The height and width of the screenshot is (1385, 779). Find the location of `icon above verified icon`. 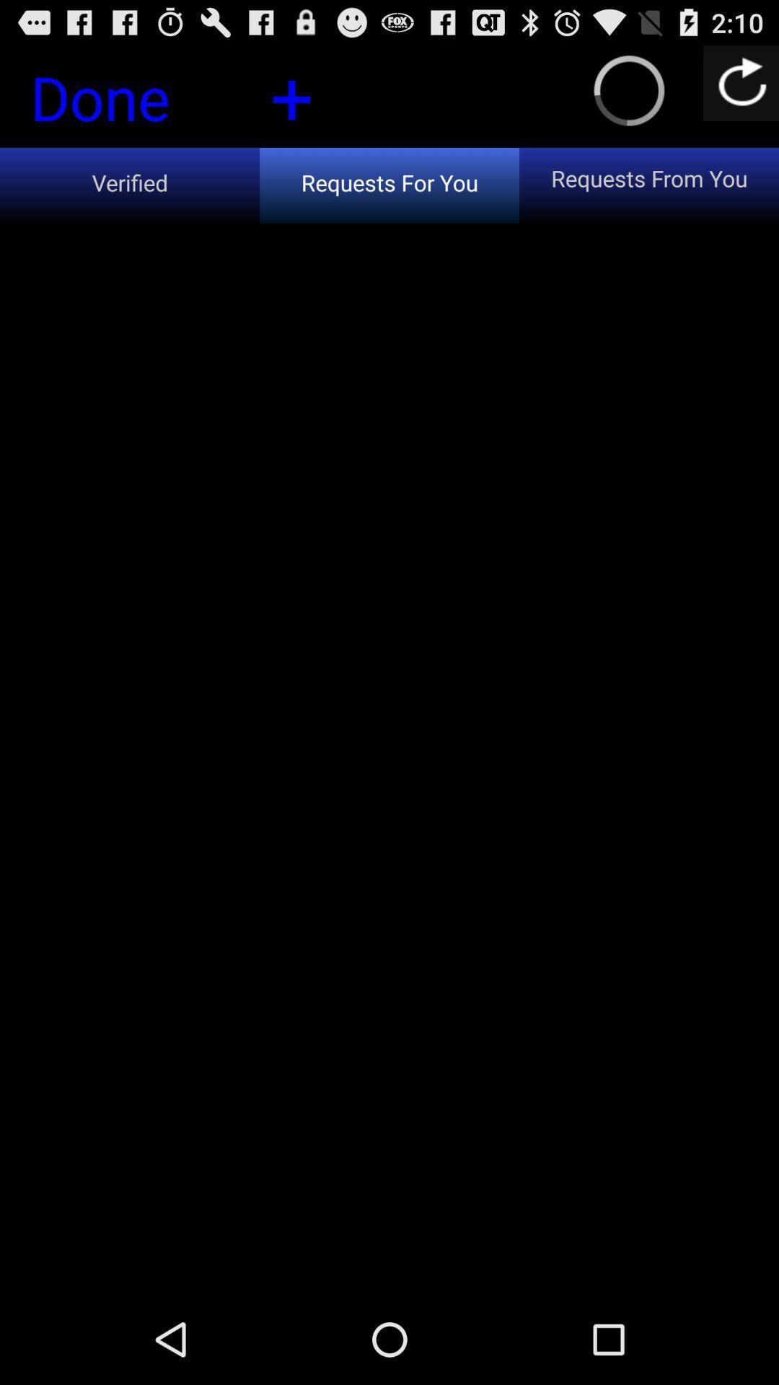

icon above verified icon is located at coordinates (124, 101).